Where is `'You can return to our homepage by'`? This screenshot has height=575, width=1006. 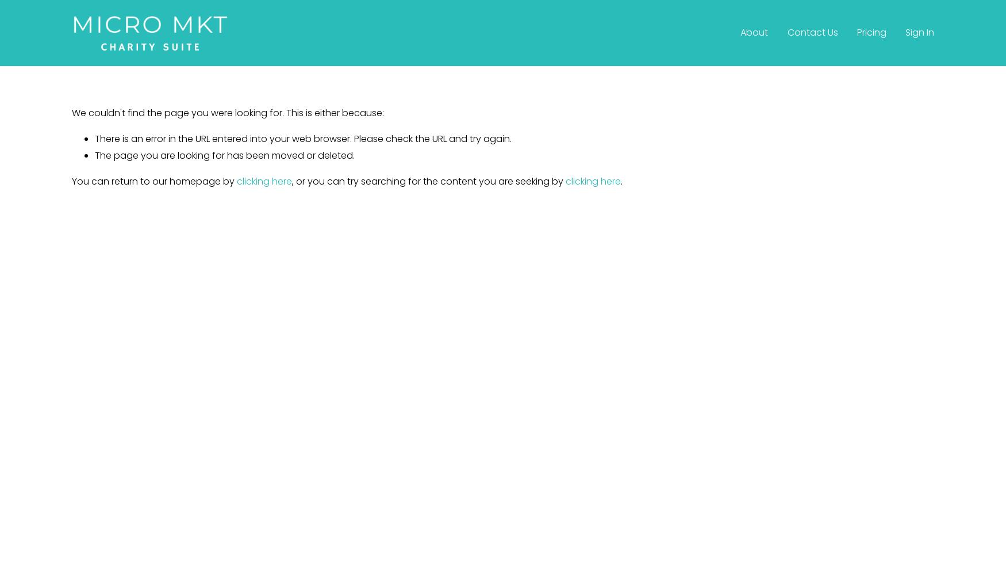 'You can return to our homepage by' is located at coordinates (153, 180).